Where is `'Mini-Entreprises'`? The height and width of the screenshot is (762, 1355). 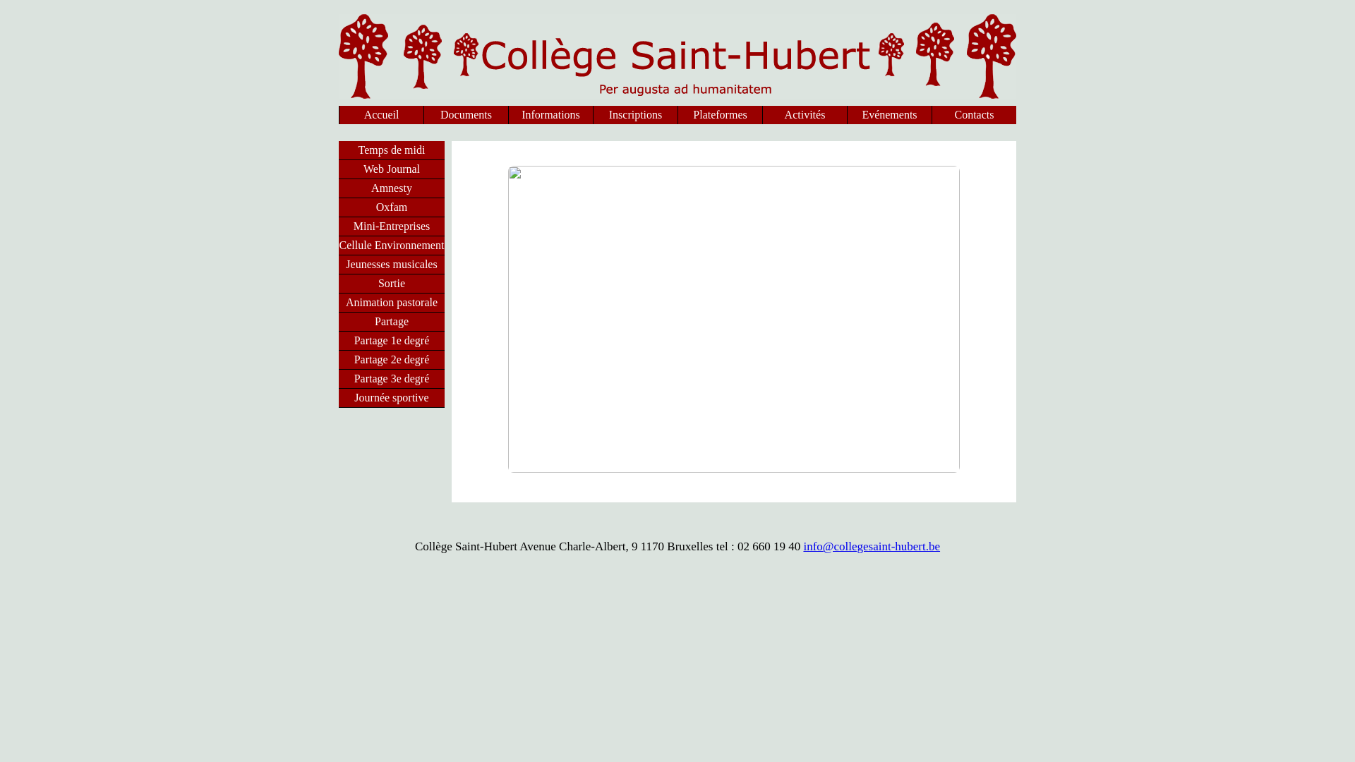
'Mini-Entreprises' is located at coordinates (339, 225).